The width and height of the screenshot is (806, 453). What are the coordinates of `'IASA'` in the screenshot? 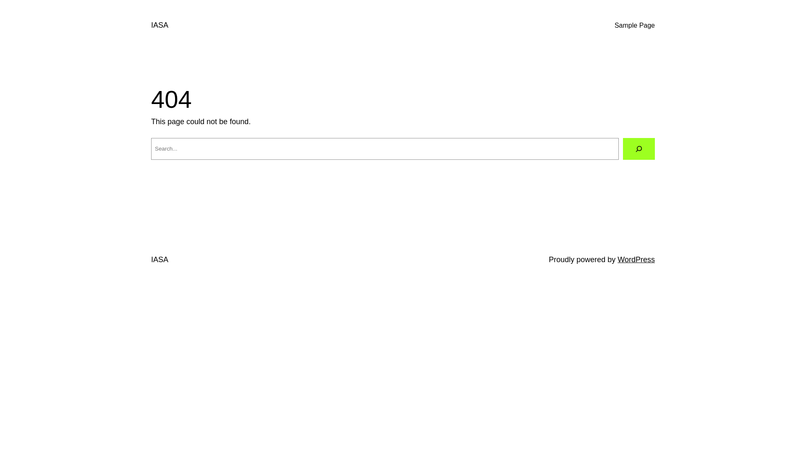 It's located at (160, 25).